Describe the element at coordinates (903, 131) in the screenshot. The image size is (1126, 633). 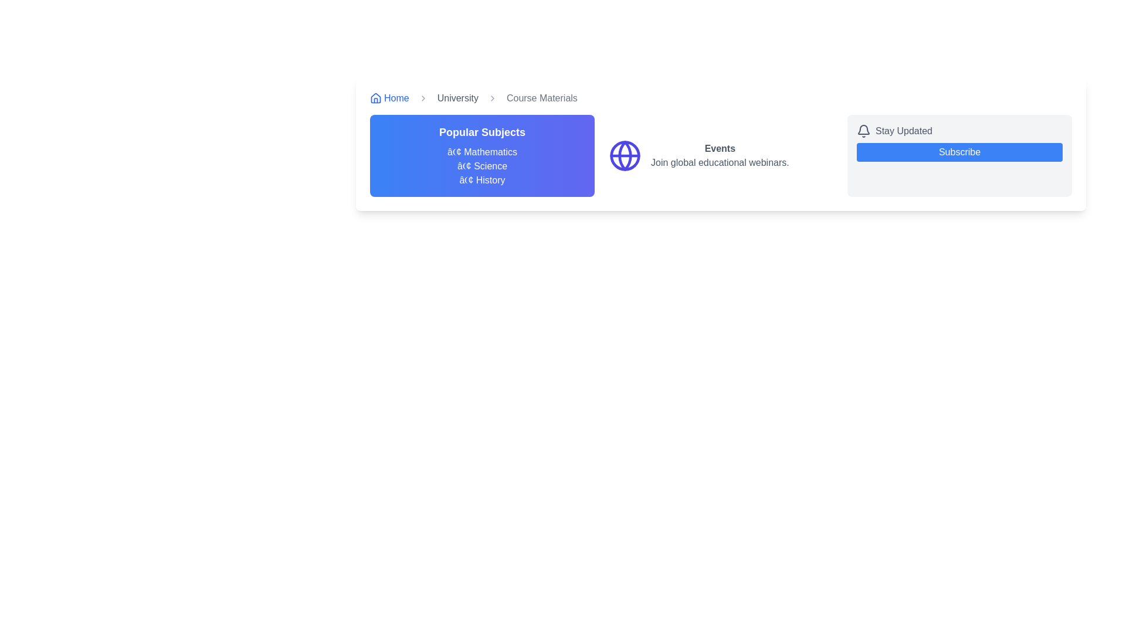
I see `the text label located in the upper-right segment of the layout, which describes the purpose of staying informed or subscribing for updates` at that location.